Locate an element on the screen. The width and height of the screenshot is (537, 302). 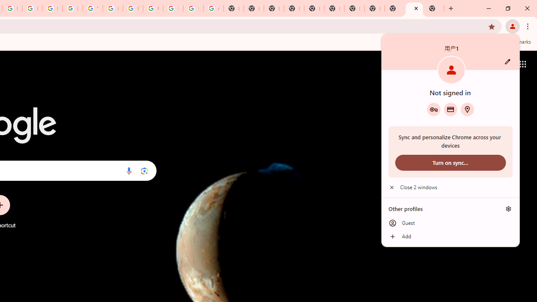
'Manage profiles' is located at coordinates (508, 208).